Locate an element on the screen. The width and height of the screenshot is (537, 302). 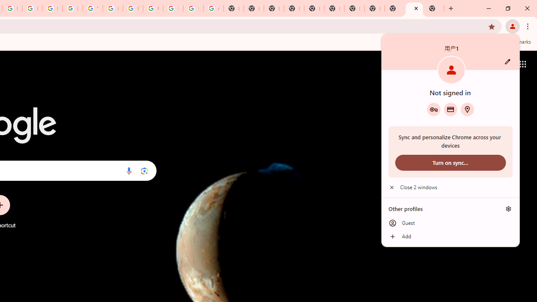
'Manage profiles' is located at coordinates (508, 208).